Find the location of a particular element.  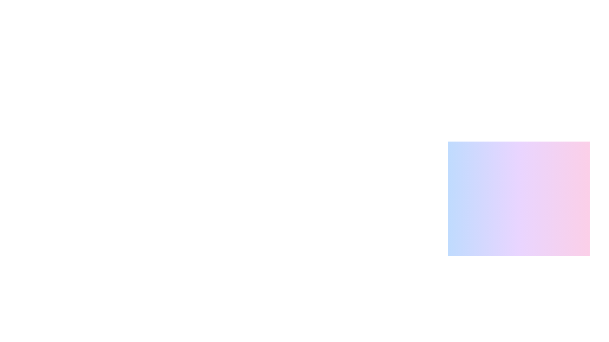

the alert icon to interact with it is located at coordinates (456, 291).